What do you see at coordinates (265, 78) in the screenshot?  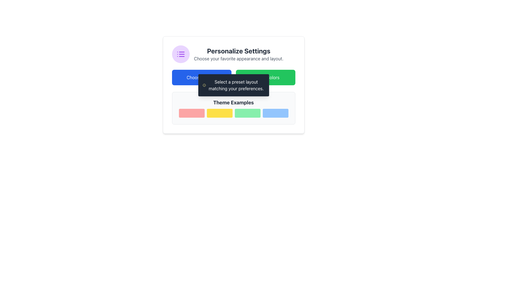 I see `the second button in the 'Personalize Settings' interface that allows users to modify color-related settings` at bounding box center [265, 78].